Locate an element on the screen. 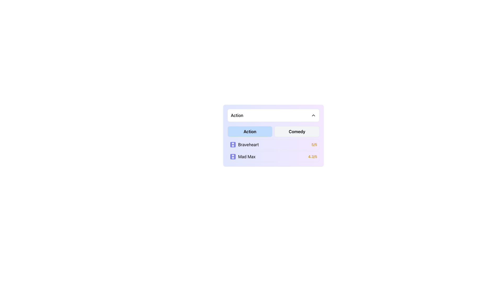 The width and height of the screenshot is (502, 282). the text label reading 'Action' located in the upper-left region of the dropdown component is located at coordinates (237, 115).